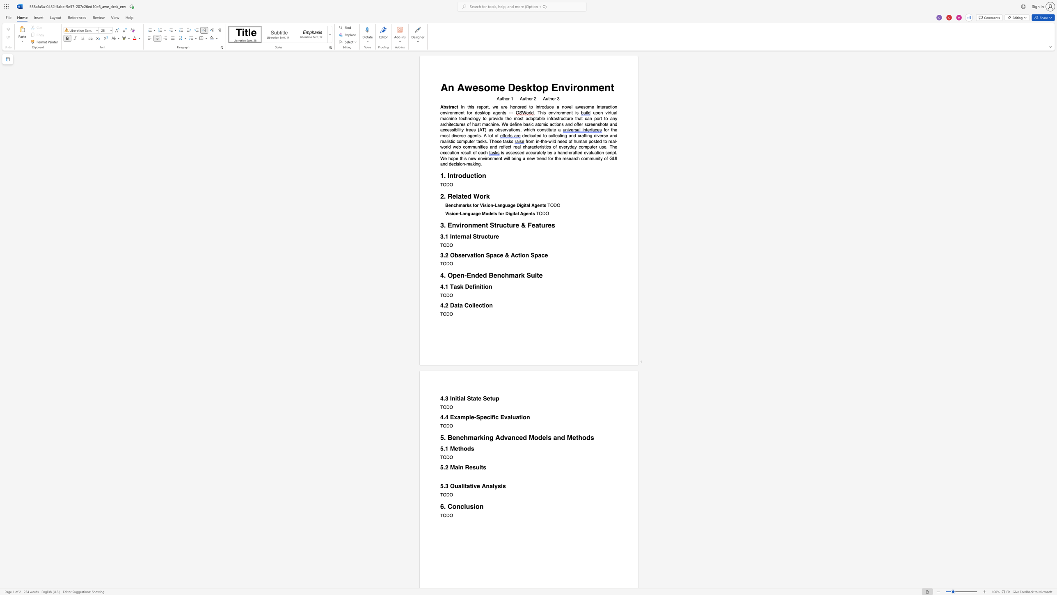  What do you see at coordinates (445, 417) in the screenshot?
I see `the subset text "4 Example-Specific Ev" within the text "4.4 Example-Specific Evaluation"` at bounding box center [445, 417].